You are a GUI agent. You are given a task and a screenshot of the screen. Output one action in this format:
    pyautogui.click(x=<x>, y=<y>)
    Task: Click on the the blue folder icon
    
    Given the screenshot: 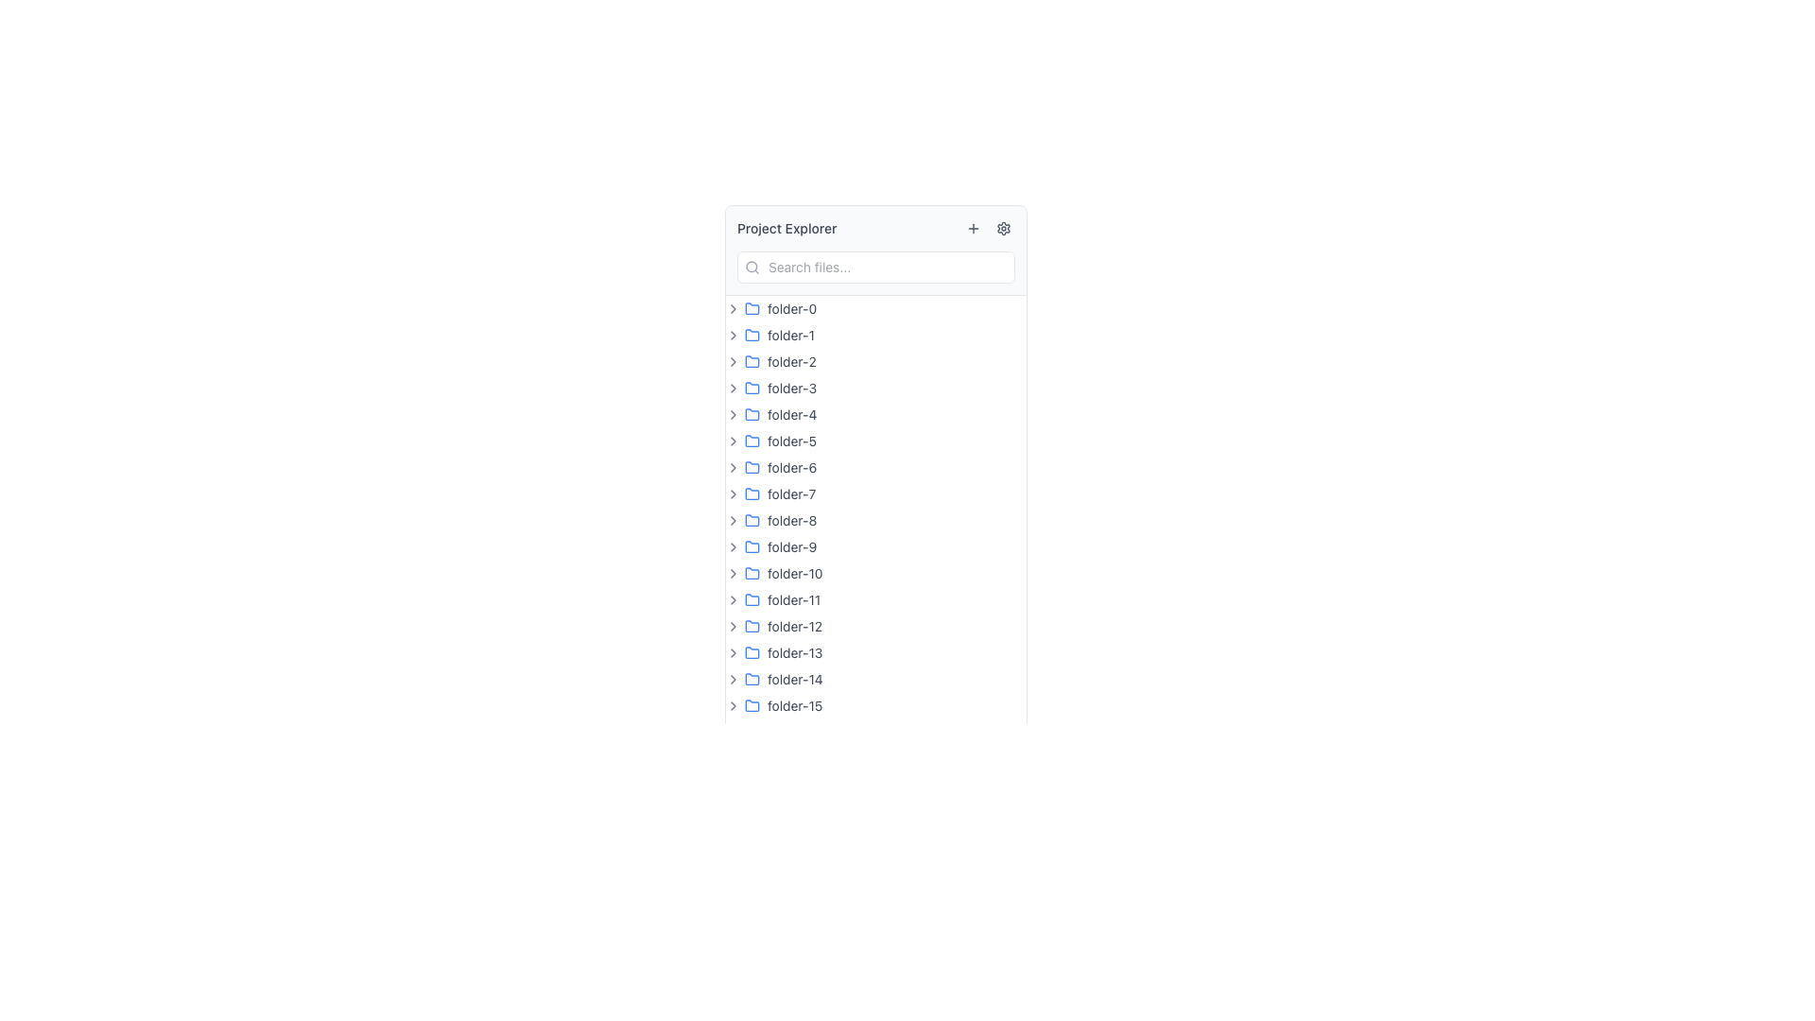 What is the action you would take?
    pyautogui.click(x=752, y=678)
    